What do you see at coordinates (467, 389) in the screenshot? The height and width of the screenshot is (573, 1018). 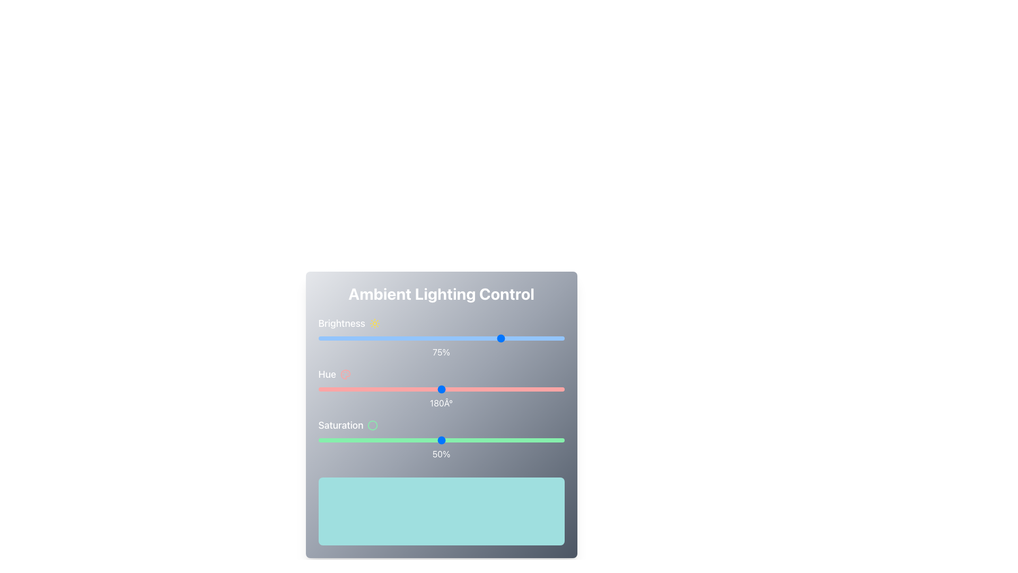 I see `the hue value` at bounding box center [467, 389].